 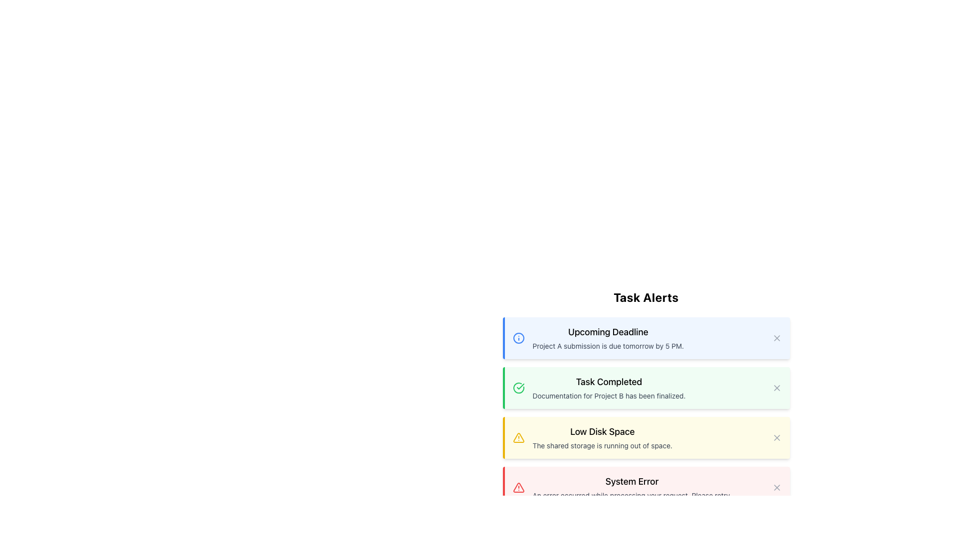 What do you see at coordinates (518, 388) in the screenshot?
I see `the Vector graphic representing a successful task located to the left of the text 'Task Completed' in the second notification card` at bounding box center [518, 388].